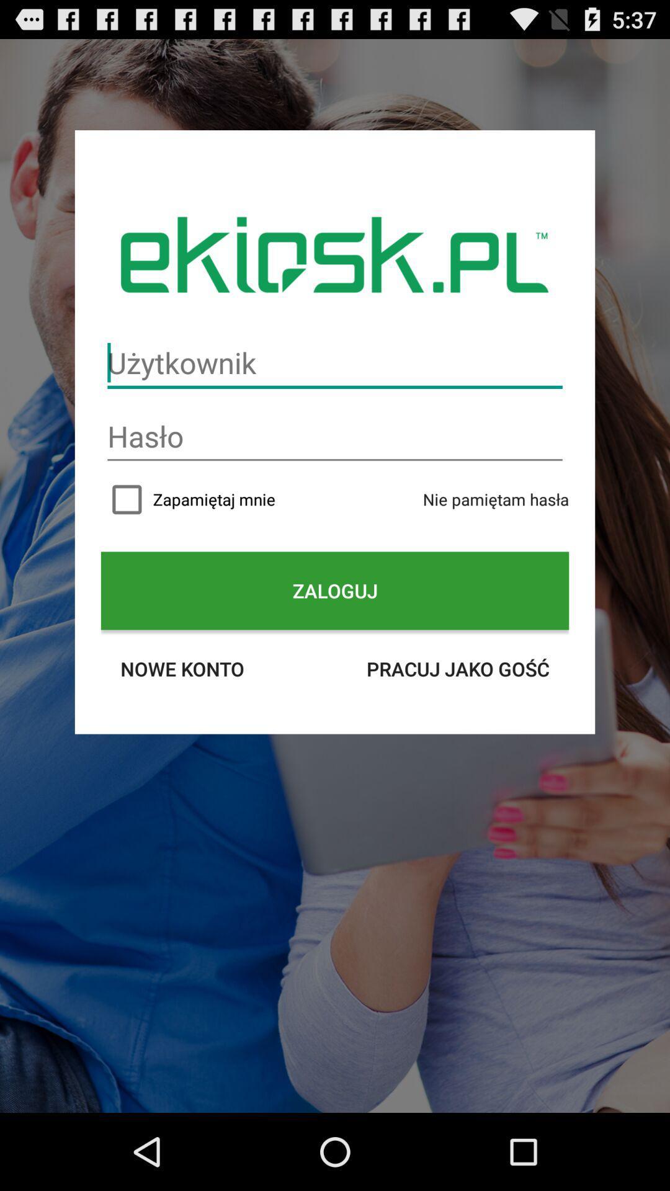  I want to click on icon below zaloguj item, so click(458, 668).